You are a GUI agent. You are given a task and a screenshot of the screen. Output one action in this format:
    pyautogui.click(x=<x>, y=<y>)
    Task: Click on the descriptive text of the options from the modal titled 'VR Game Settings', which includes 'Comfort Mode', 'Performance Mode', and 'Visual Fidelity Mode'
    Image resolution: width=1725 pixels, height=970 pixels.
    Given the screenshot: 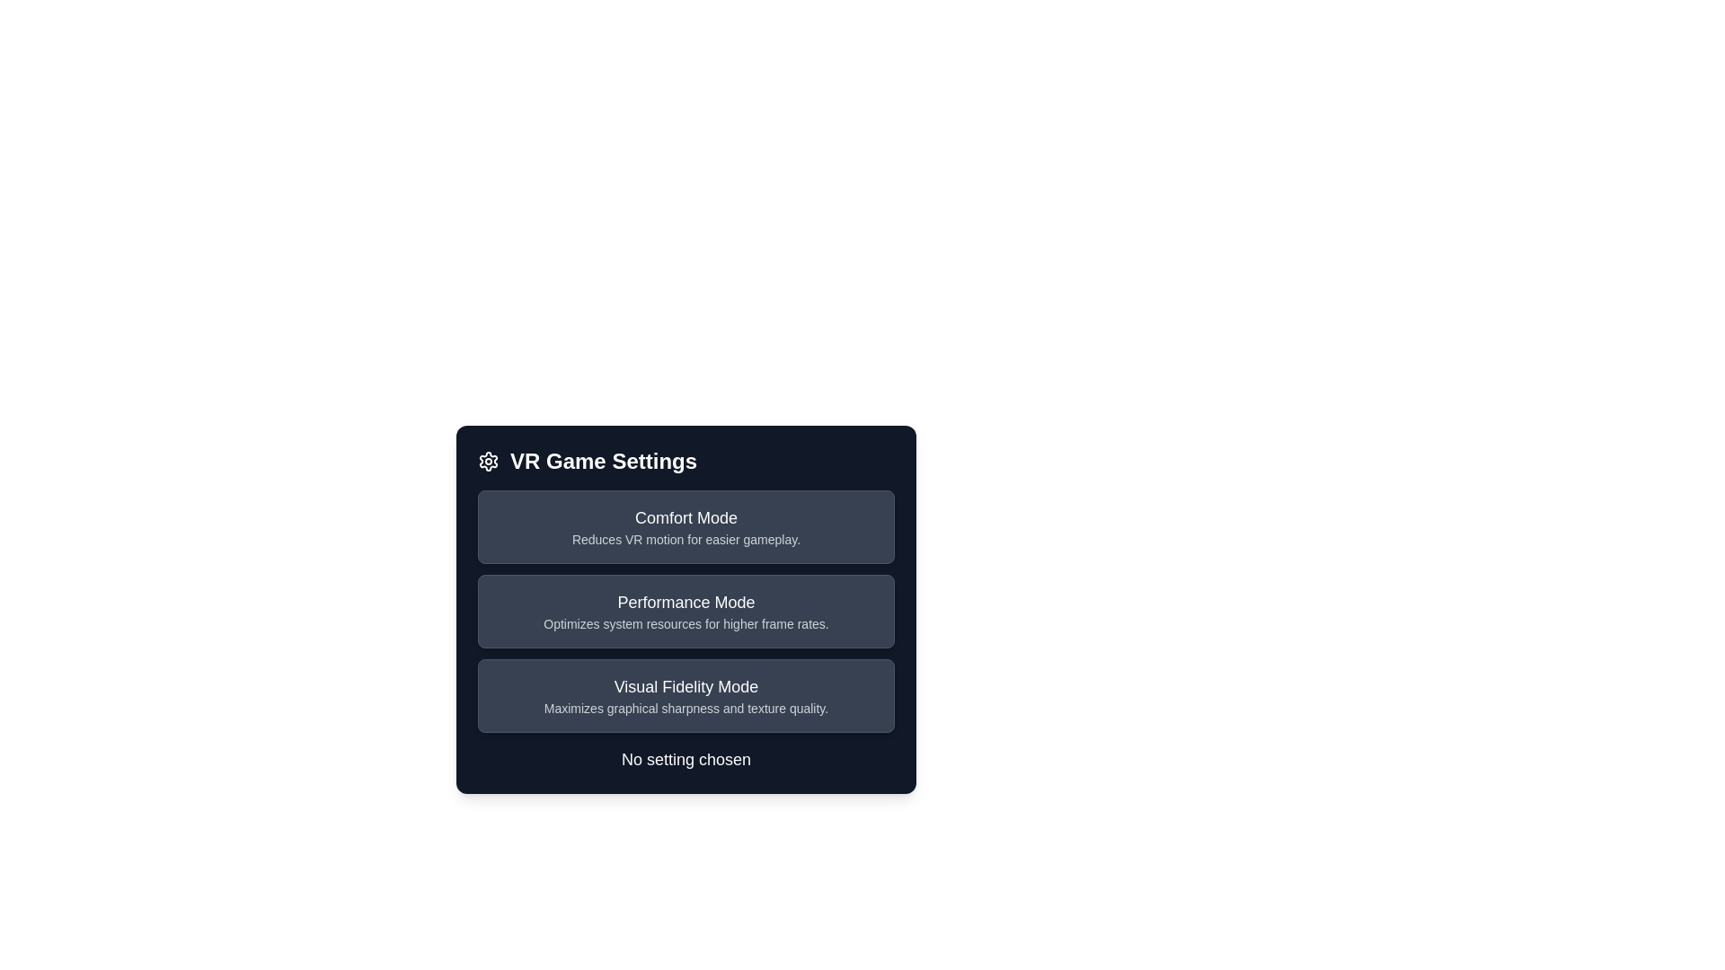 What is the action you would take?
    pyautogui.click(x=685, y=622)
    